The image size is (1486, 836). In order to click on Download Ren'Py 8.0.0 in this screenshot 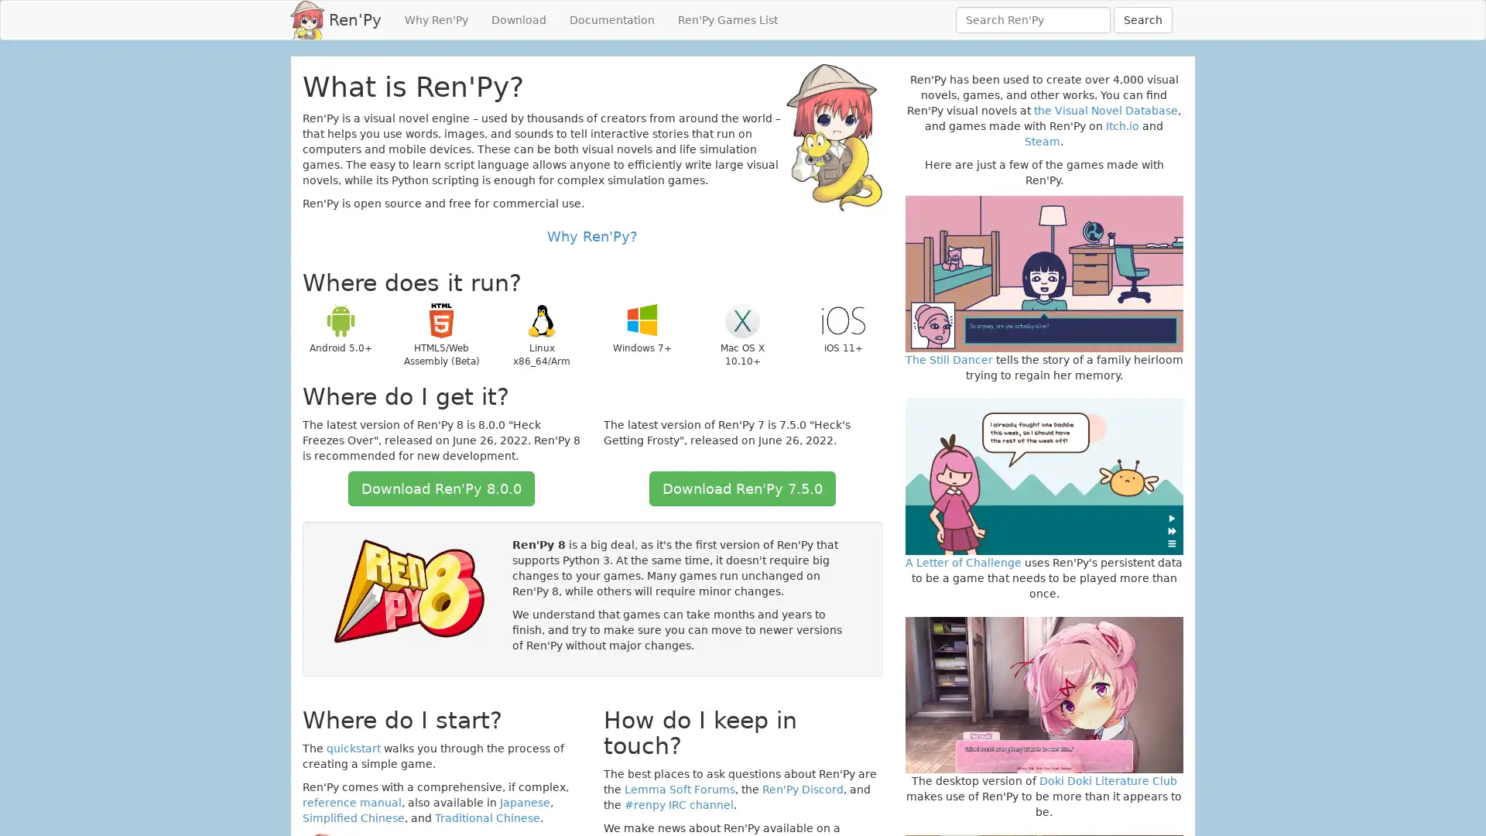, I will do `click(440, 488)`.